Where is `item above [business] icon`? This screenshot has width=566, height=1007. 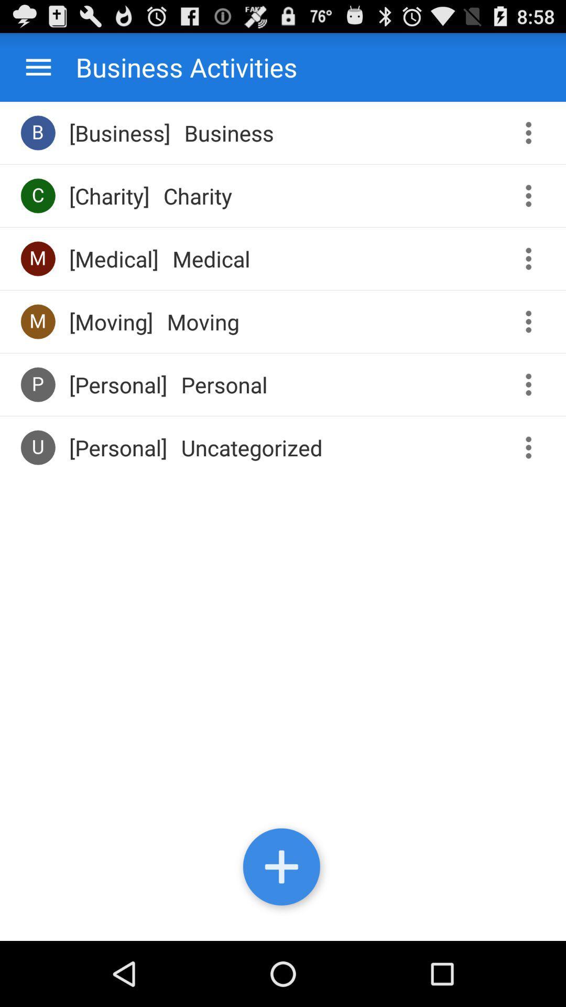
item above [business] icon is located at coordinates (176, 67).